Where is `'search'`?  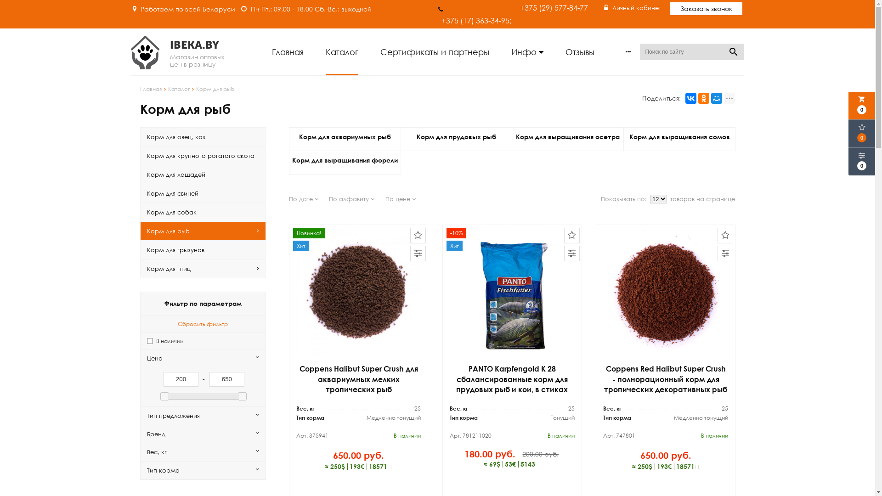
'search' is located at coordinates (733, 51).